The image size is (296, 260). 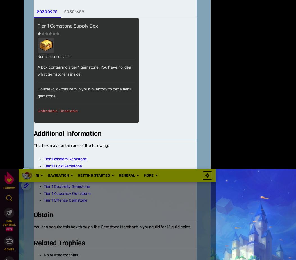 What do you see at coordinates (23, 89) in the screenshot?
I see `'Fandom'` at bounding box center [23, 89].